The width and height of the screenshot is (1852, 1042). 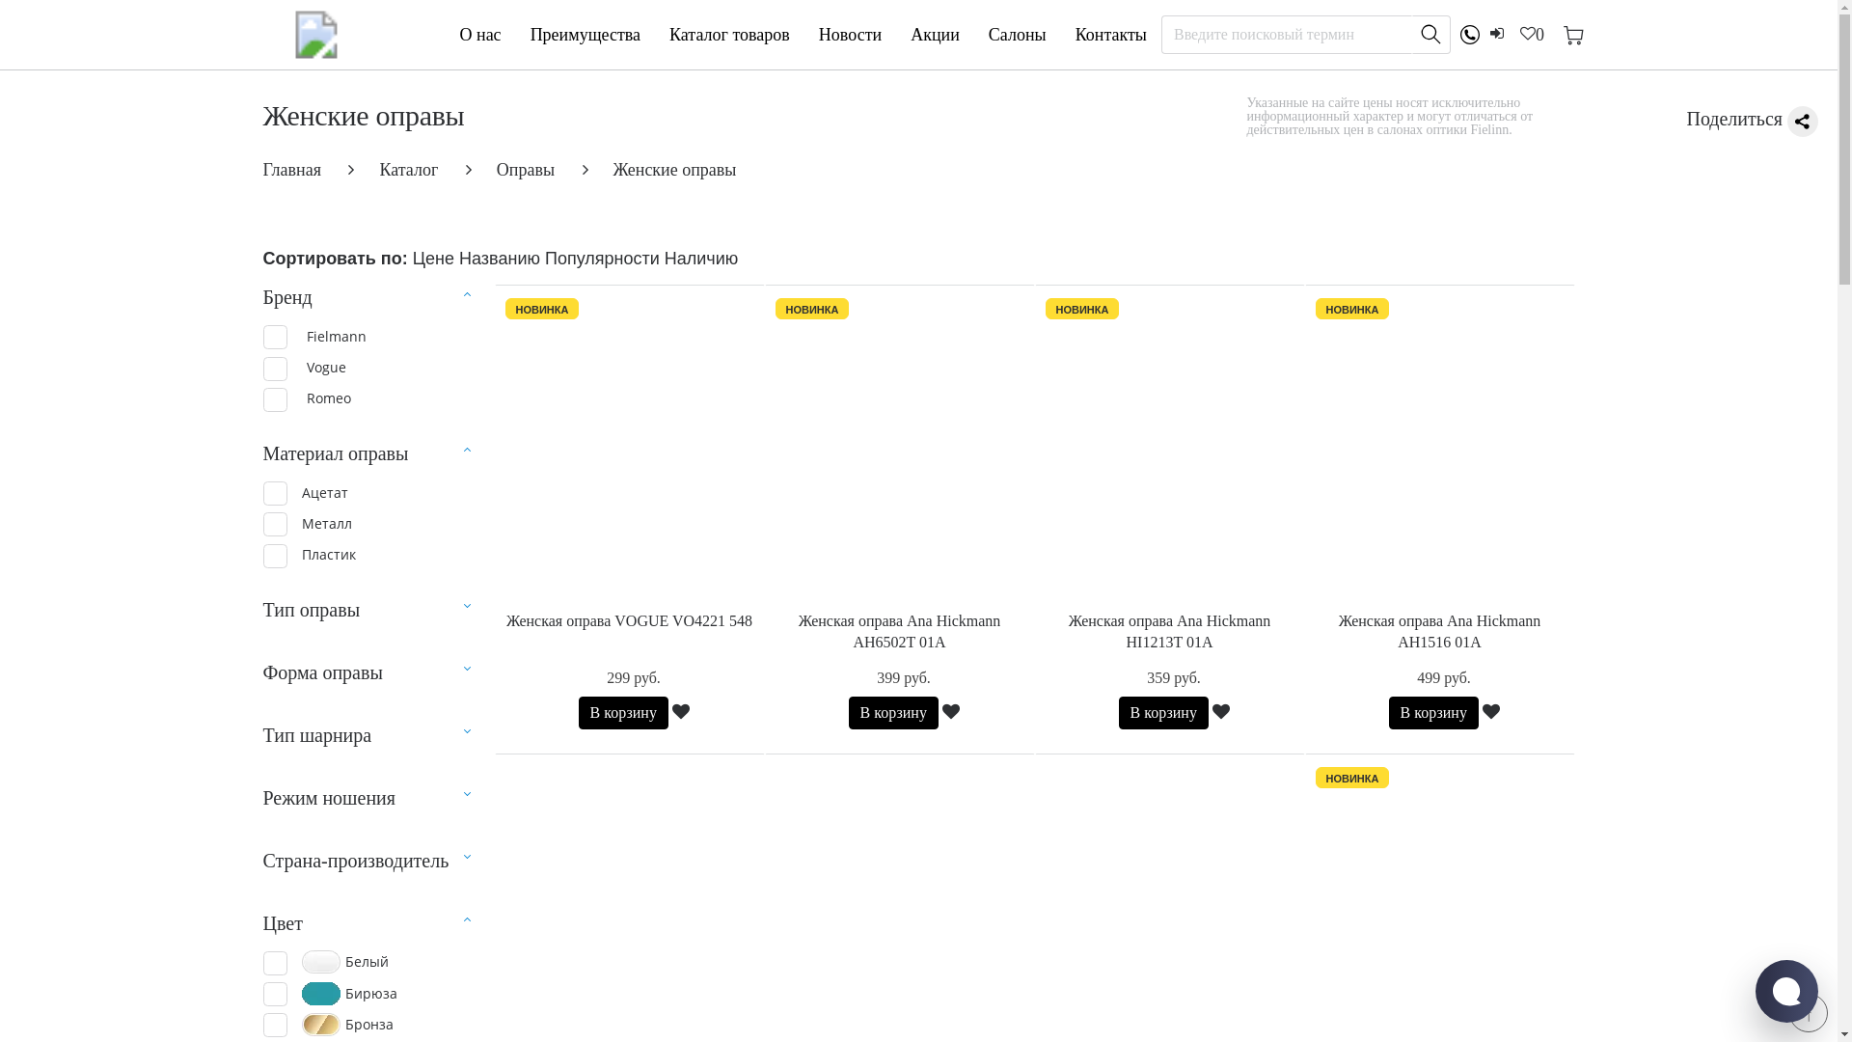 I want to click on 'Y', so click(x=273, y=524).